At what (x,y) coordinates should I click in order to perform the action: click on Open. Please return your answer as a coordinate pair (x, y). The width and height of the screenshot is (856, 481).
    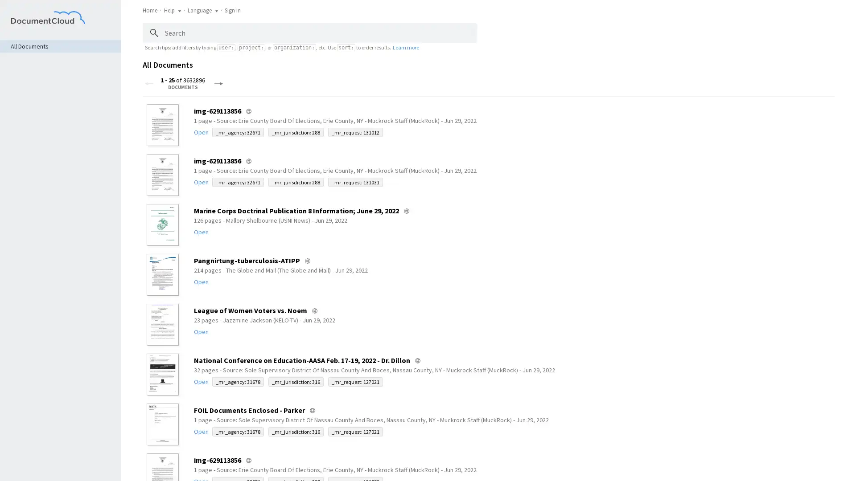
    Looking at the image, I should click on (201, 181).